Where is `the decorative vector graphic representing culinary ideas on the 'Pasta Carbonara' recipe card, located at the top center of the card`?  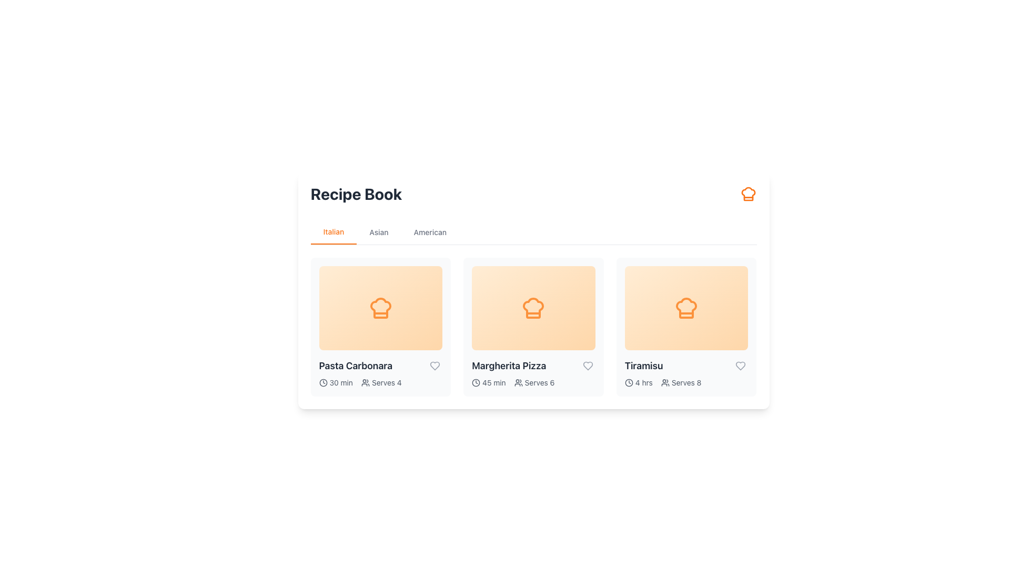
the decorative vector graphic representing culinary ideas on the 'Pasta Carbonara' recipe card, located at the top center of the card is located at coordinates (380, 308).